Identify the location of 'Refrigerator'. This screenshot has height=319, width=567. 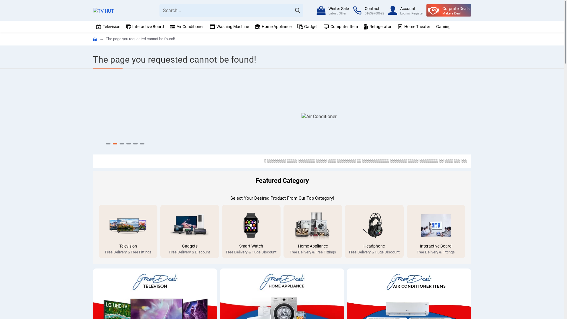
(377, 26).